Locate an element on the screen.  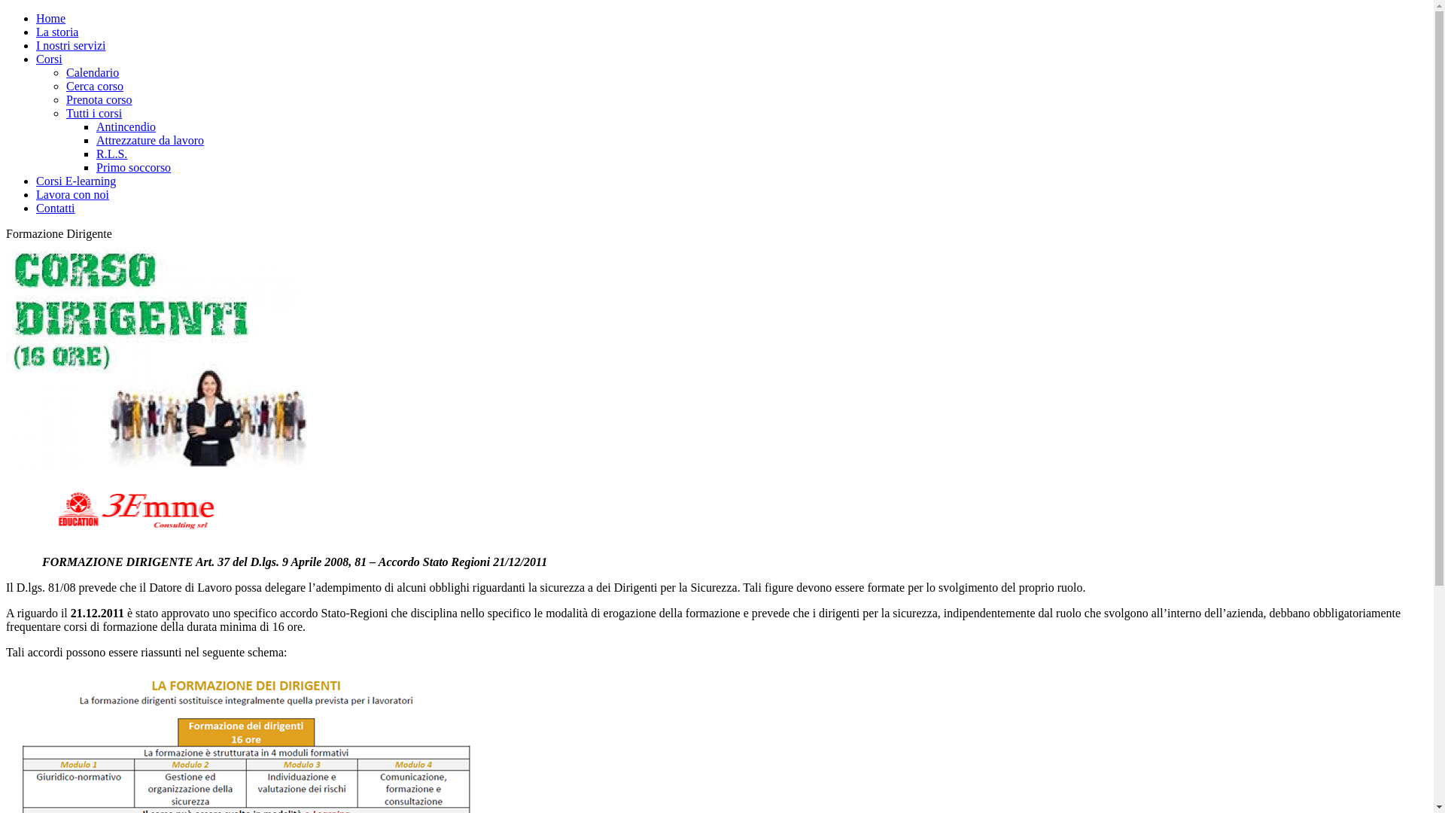
'Home' is located at coordinates (36, 18).